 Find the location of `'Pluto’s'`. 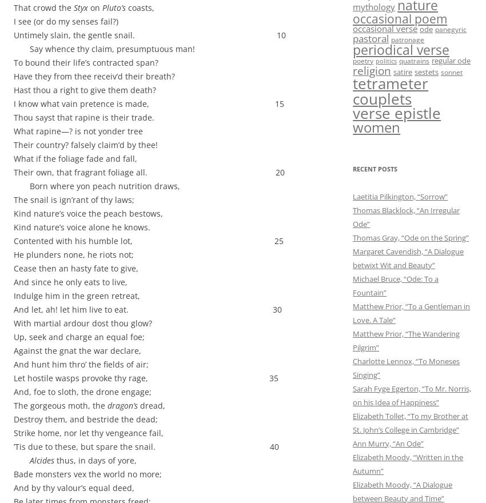

'Pluto’s' is located at coordinates (113, 7).